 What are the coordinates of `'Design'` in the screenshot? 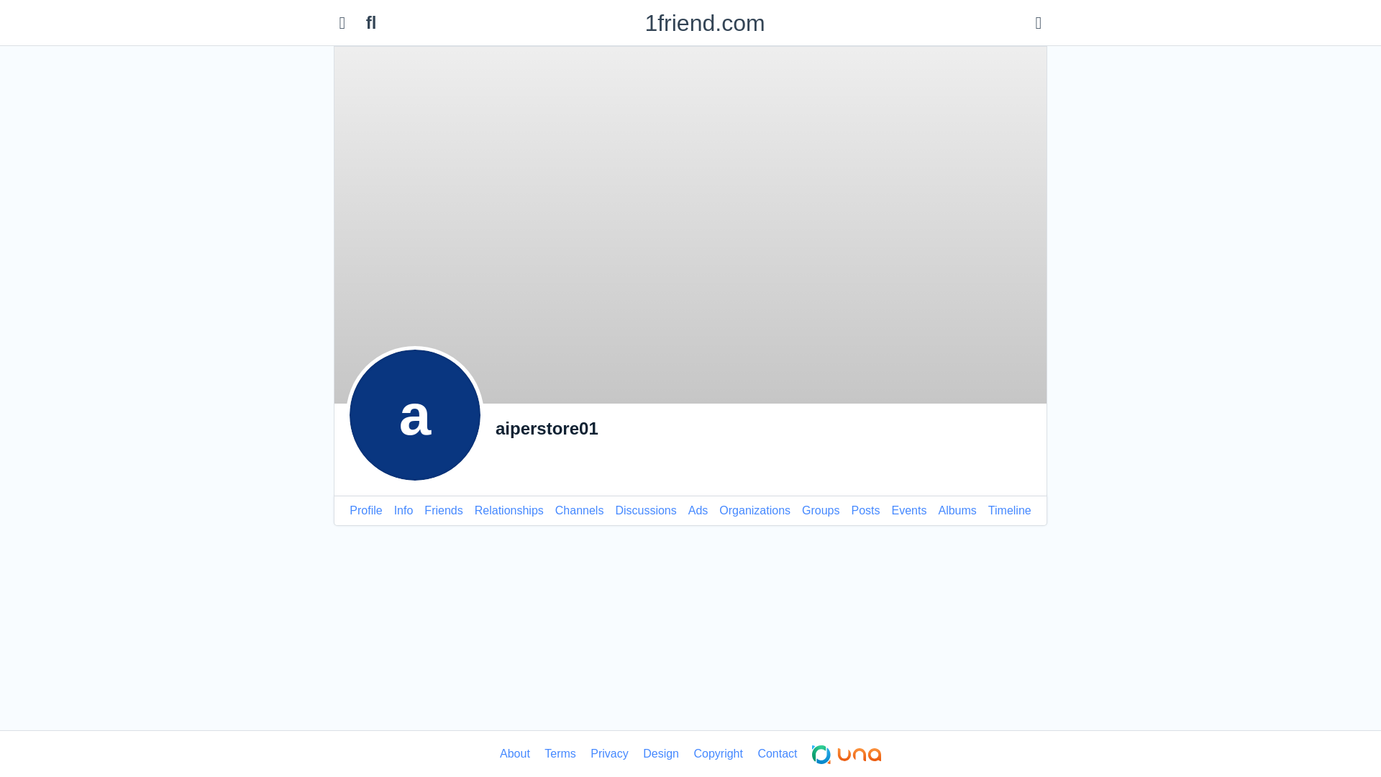 It's located at (660, 753).